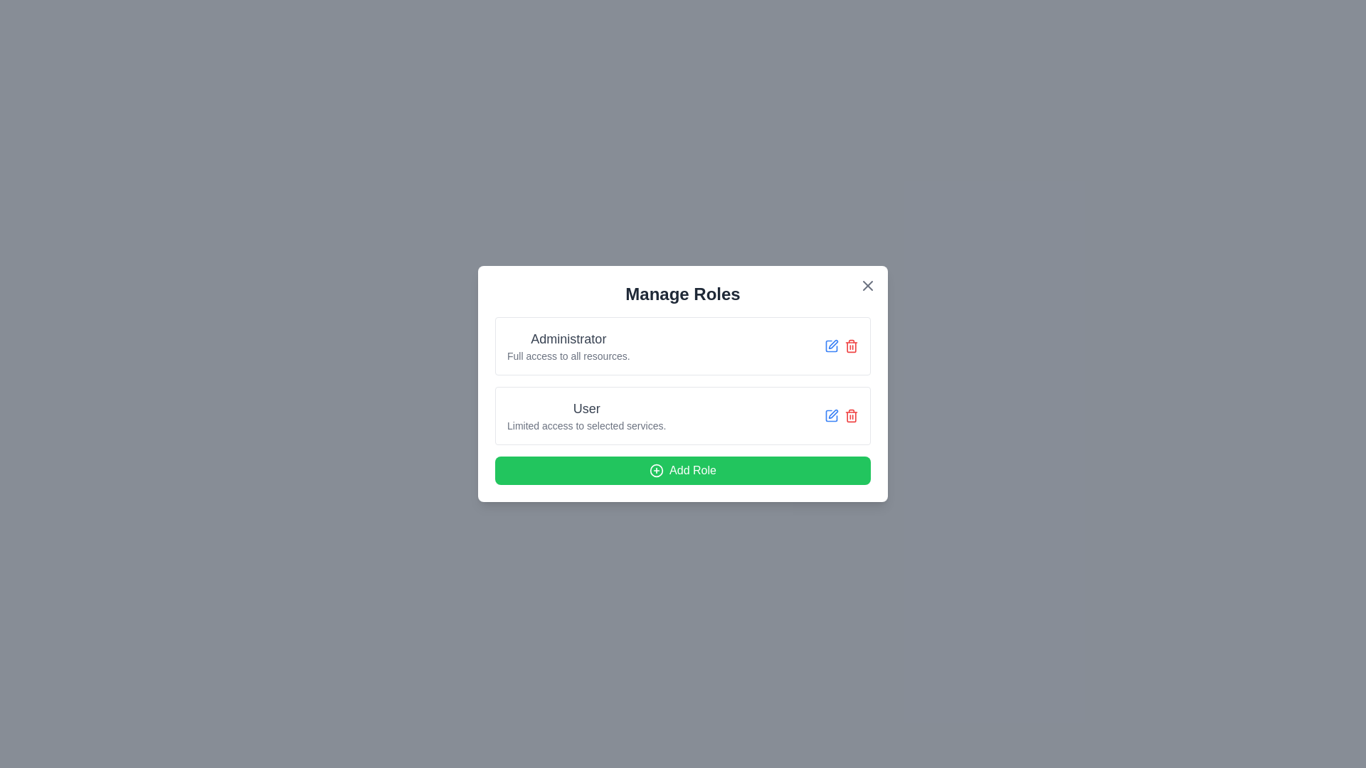  I want to click on the Text Display element that represents the user role description 'User' located in the 'Manage Roles' dialog, so click(586, 416).